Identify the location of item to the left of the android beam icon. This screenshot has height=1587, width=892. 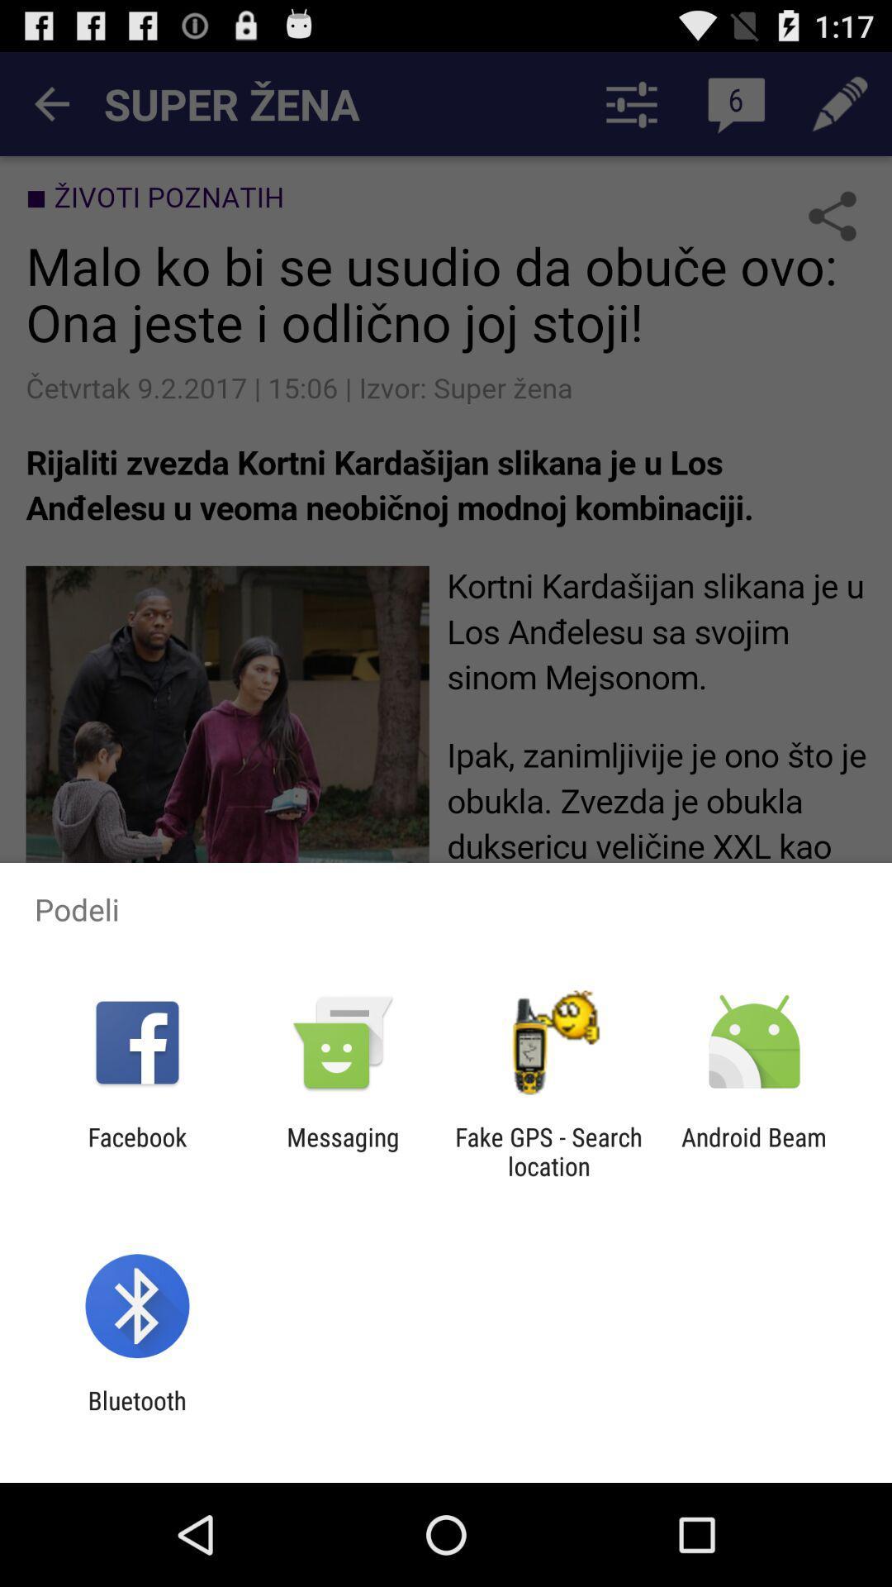
(548, 1151).